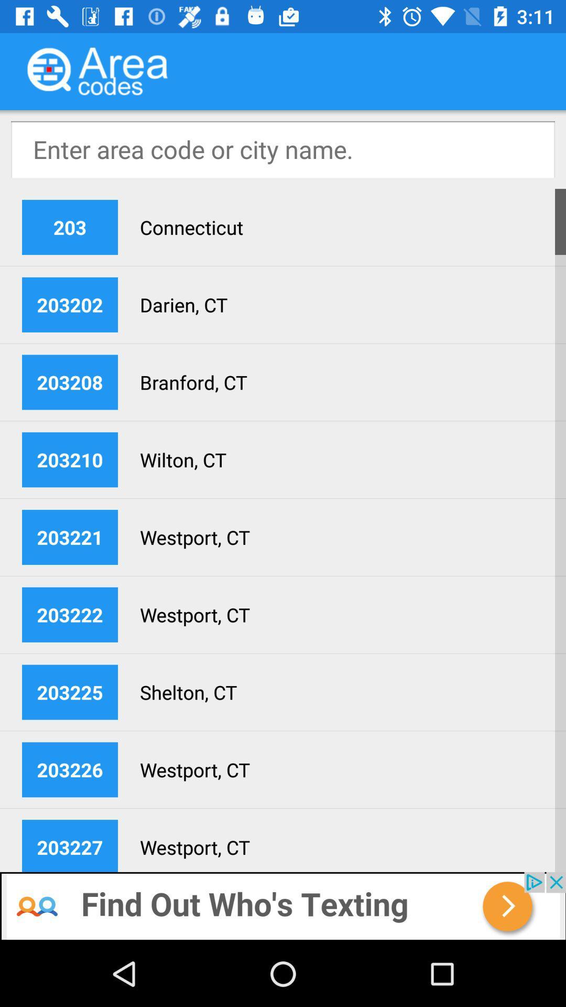 The width and height of the screenshot is (566, 1007). I want to click on area code or city name, so click(283, 148).